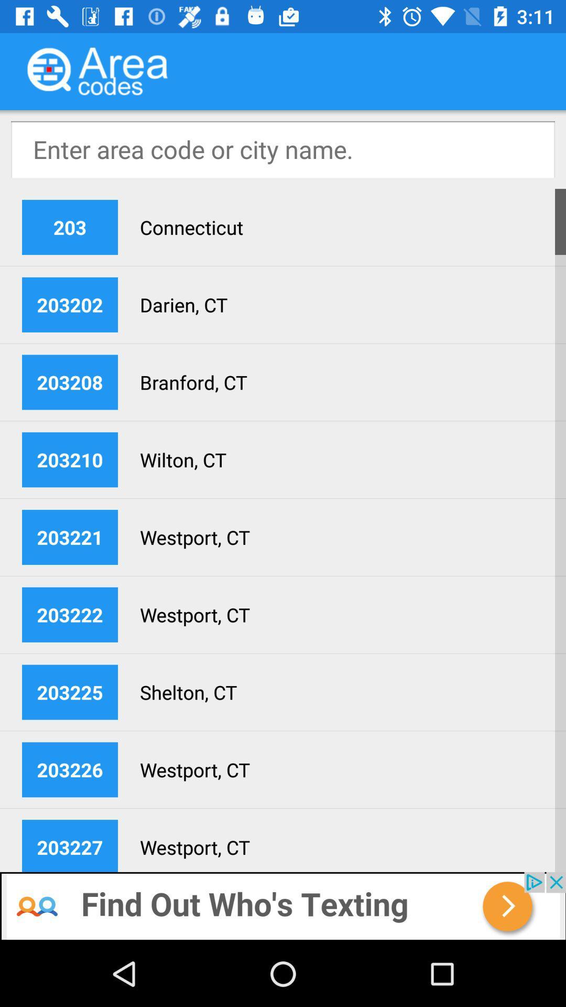 The width and height of the screenshot is (566, 1007). I want to click on area code or city name, so click(283, 148).